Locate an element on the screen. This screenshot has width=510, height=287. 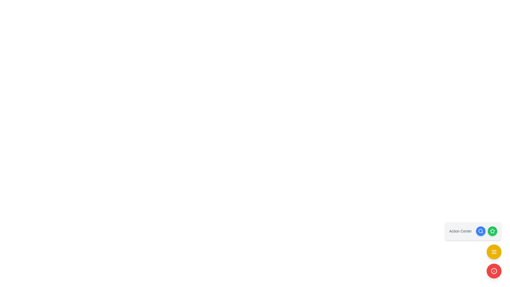
the icon representing the Action Center, located to the right of the label 'Action Center' is located at coordinates (492, 231).